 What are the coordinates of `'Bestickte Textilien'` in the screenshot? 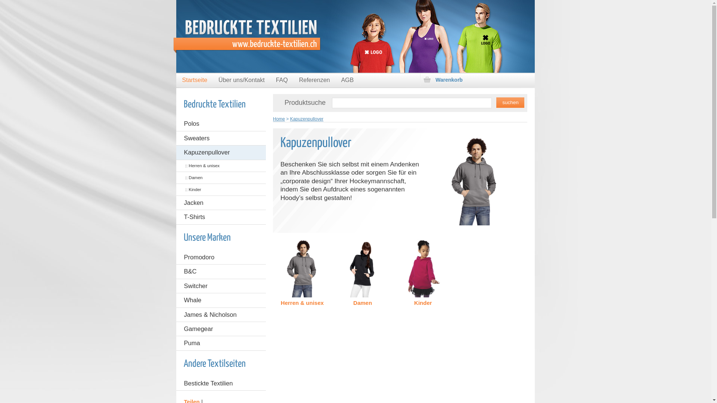 It's located at (220, 383).